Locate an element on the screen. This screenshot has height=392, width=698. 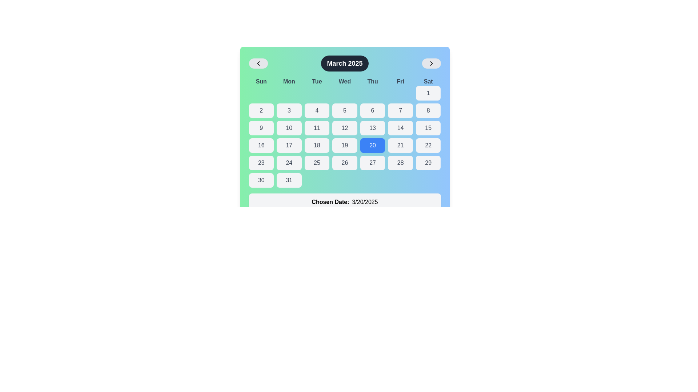
the button displaying the date '18' in the calendar grid is located at coordinates (317, 146).